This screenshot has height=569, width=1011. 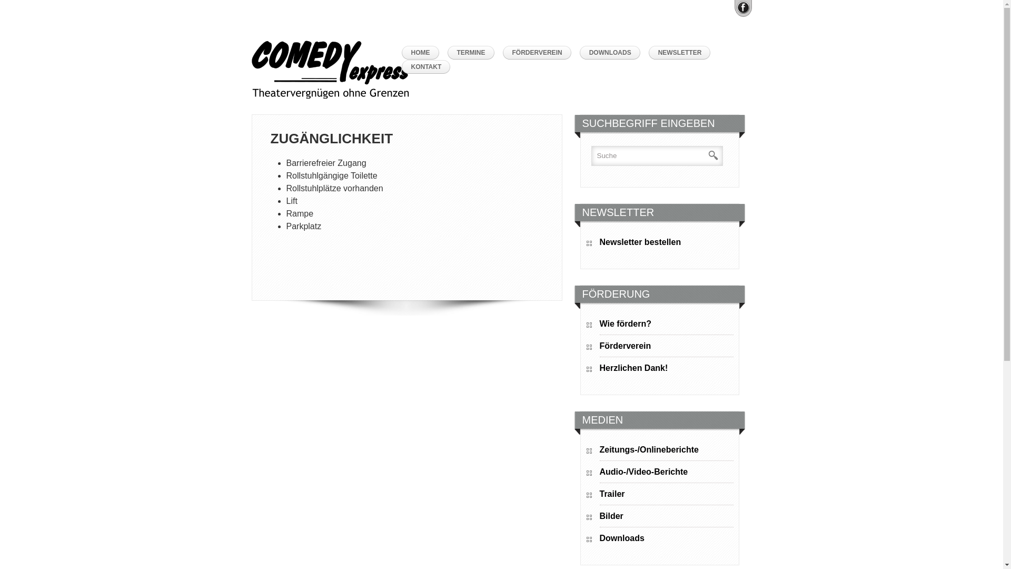 What do you see at coordinates (666, 451) in the screenshot?
I see `'Zeitungs-/Onlineberichte'` at bounding box center [666, 451].